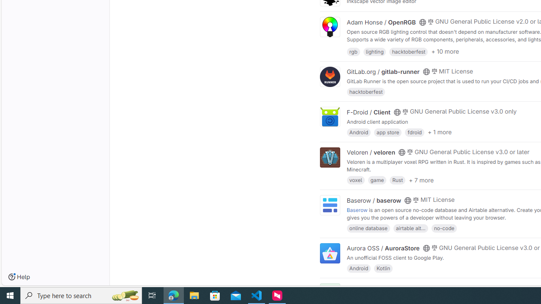 This screenshot has width=541, height=304. What do you see at coordinates (353, 51) in the screenshot?
I see `'rgb'` at bounding box center [353, 51].